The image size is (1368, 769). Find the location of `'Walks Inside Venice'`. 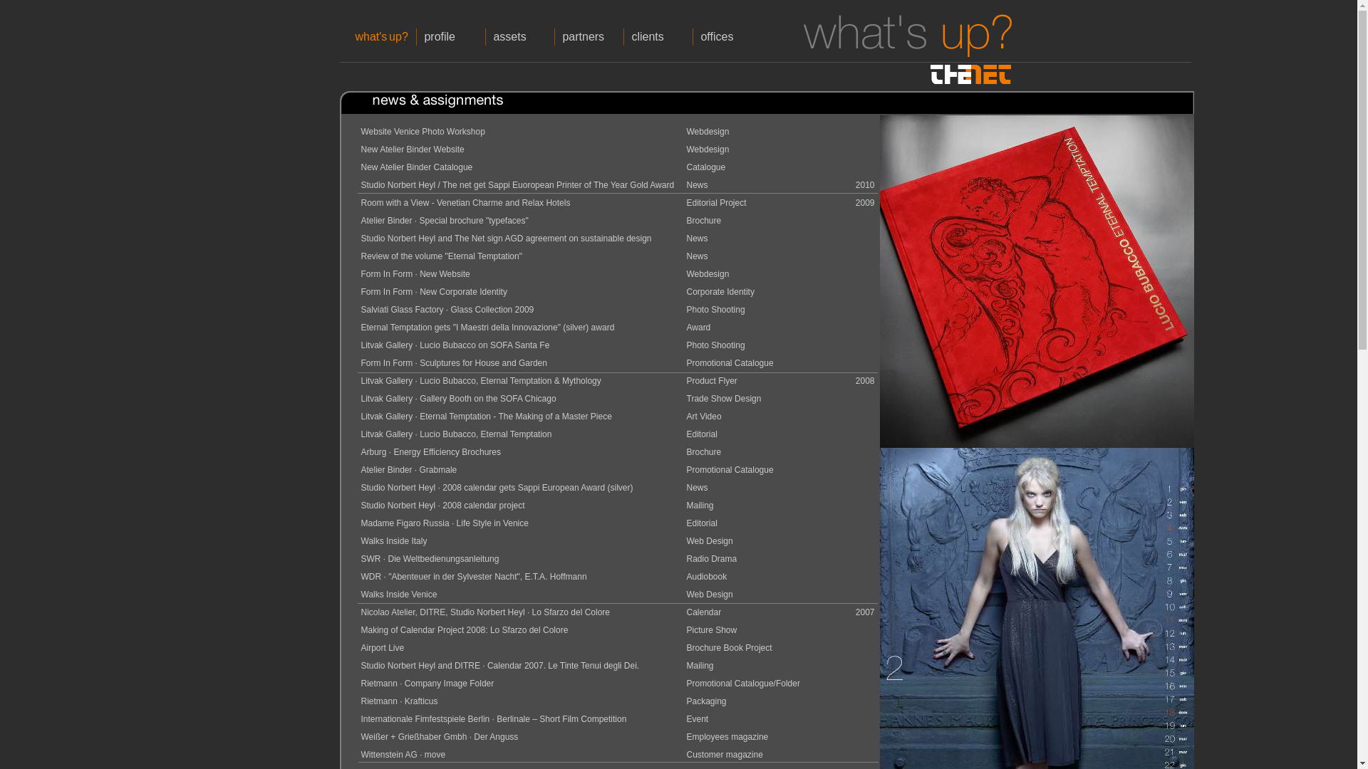

'Walks Inside Venice' is located at coordinates (360, 594).